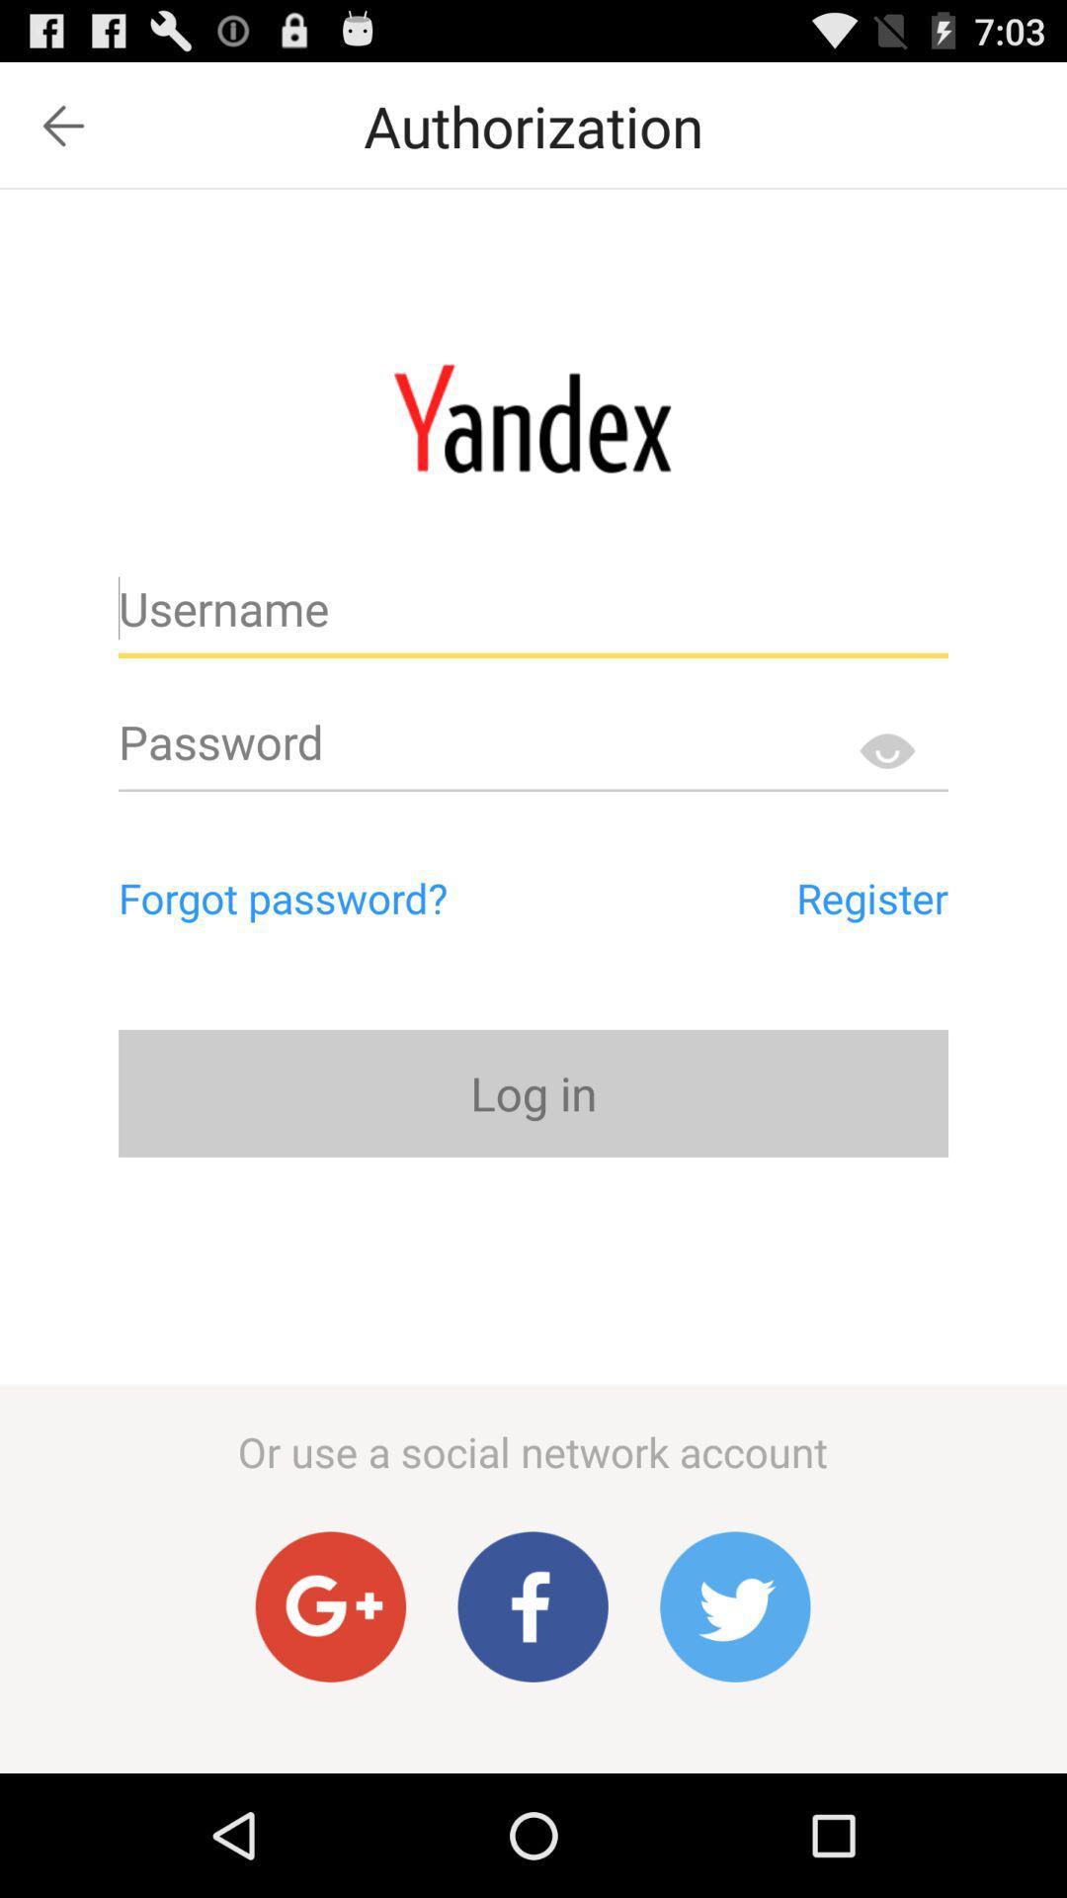  I want to click on this field is for entering your username, so click(533, 616).